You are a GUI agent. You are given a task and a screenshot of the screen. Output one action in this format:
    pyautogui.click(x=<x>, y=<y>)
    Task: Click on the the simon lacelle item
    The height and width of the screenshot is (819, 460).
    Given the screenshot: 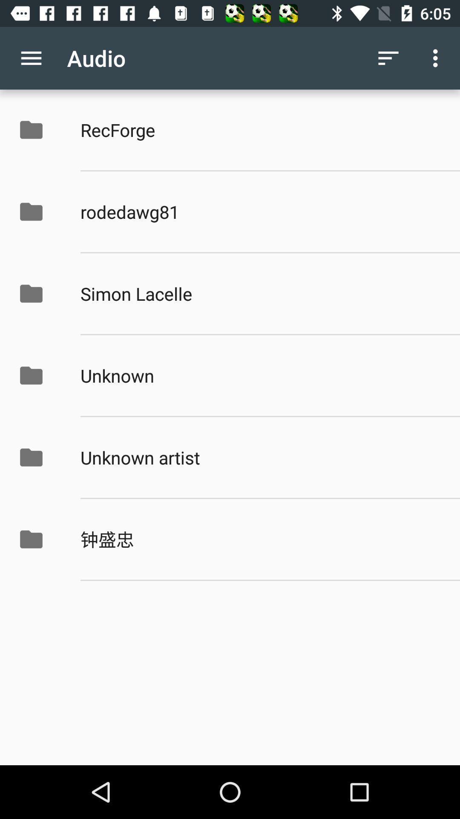 What is the action you would take?
    pyautogui.click(x=261, y=293)
    